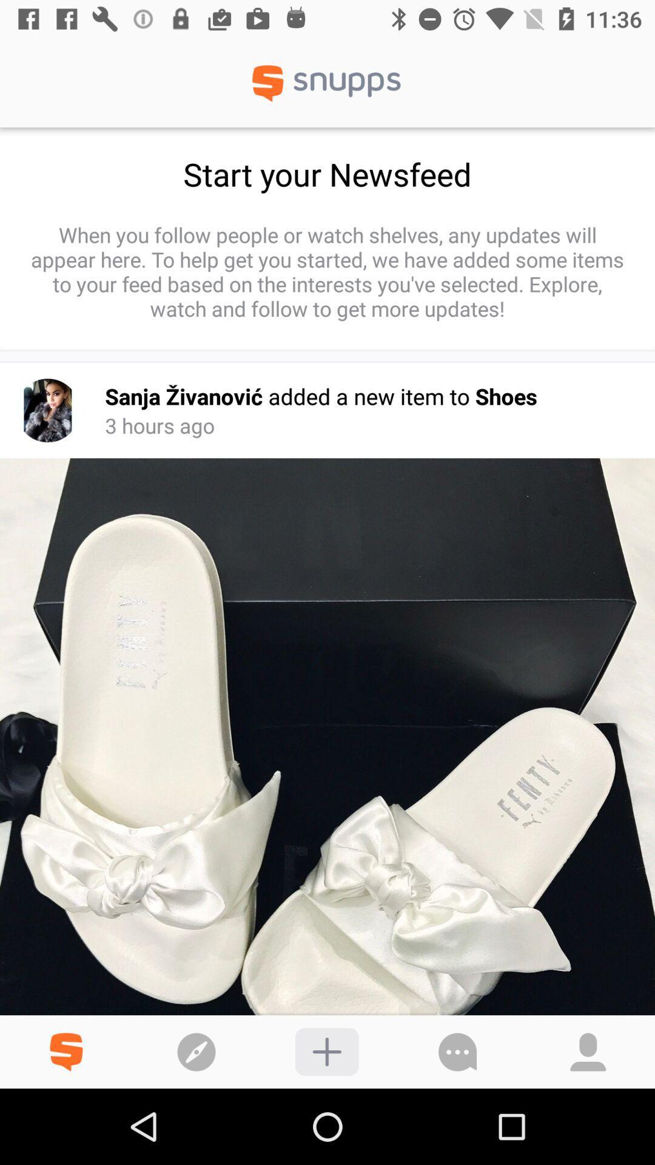 Image resolution: width=655 pixels, height=1165 pixels. I want to click on zoom, so click(326, 1051).